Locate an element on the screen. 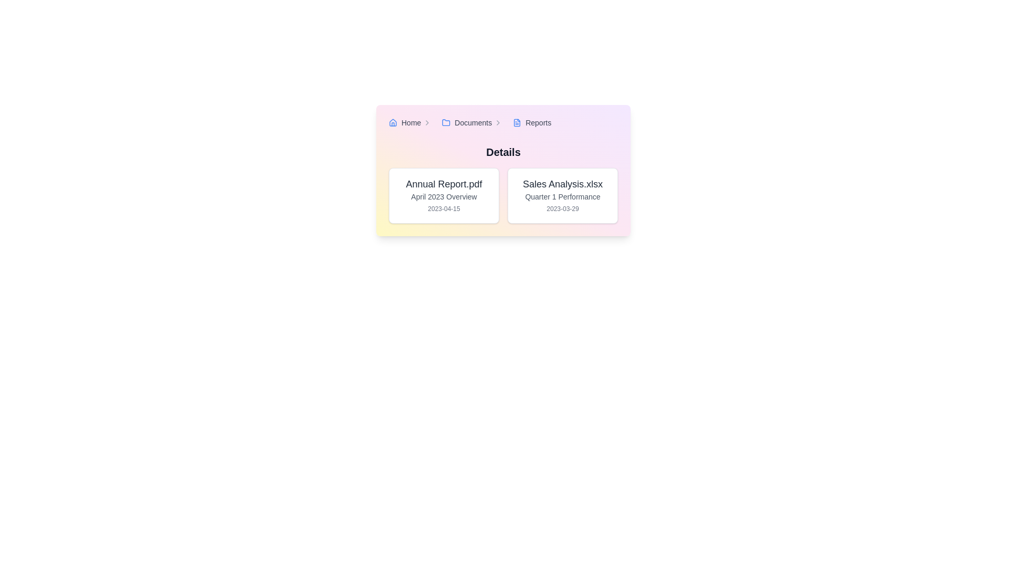 The width and height of the screenshot is (1009, 567). the static text element displaying the name 'Sales Analysis.xlsx' located in the upper-right section of the interface is located at coordinates (562, 184).